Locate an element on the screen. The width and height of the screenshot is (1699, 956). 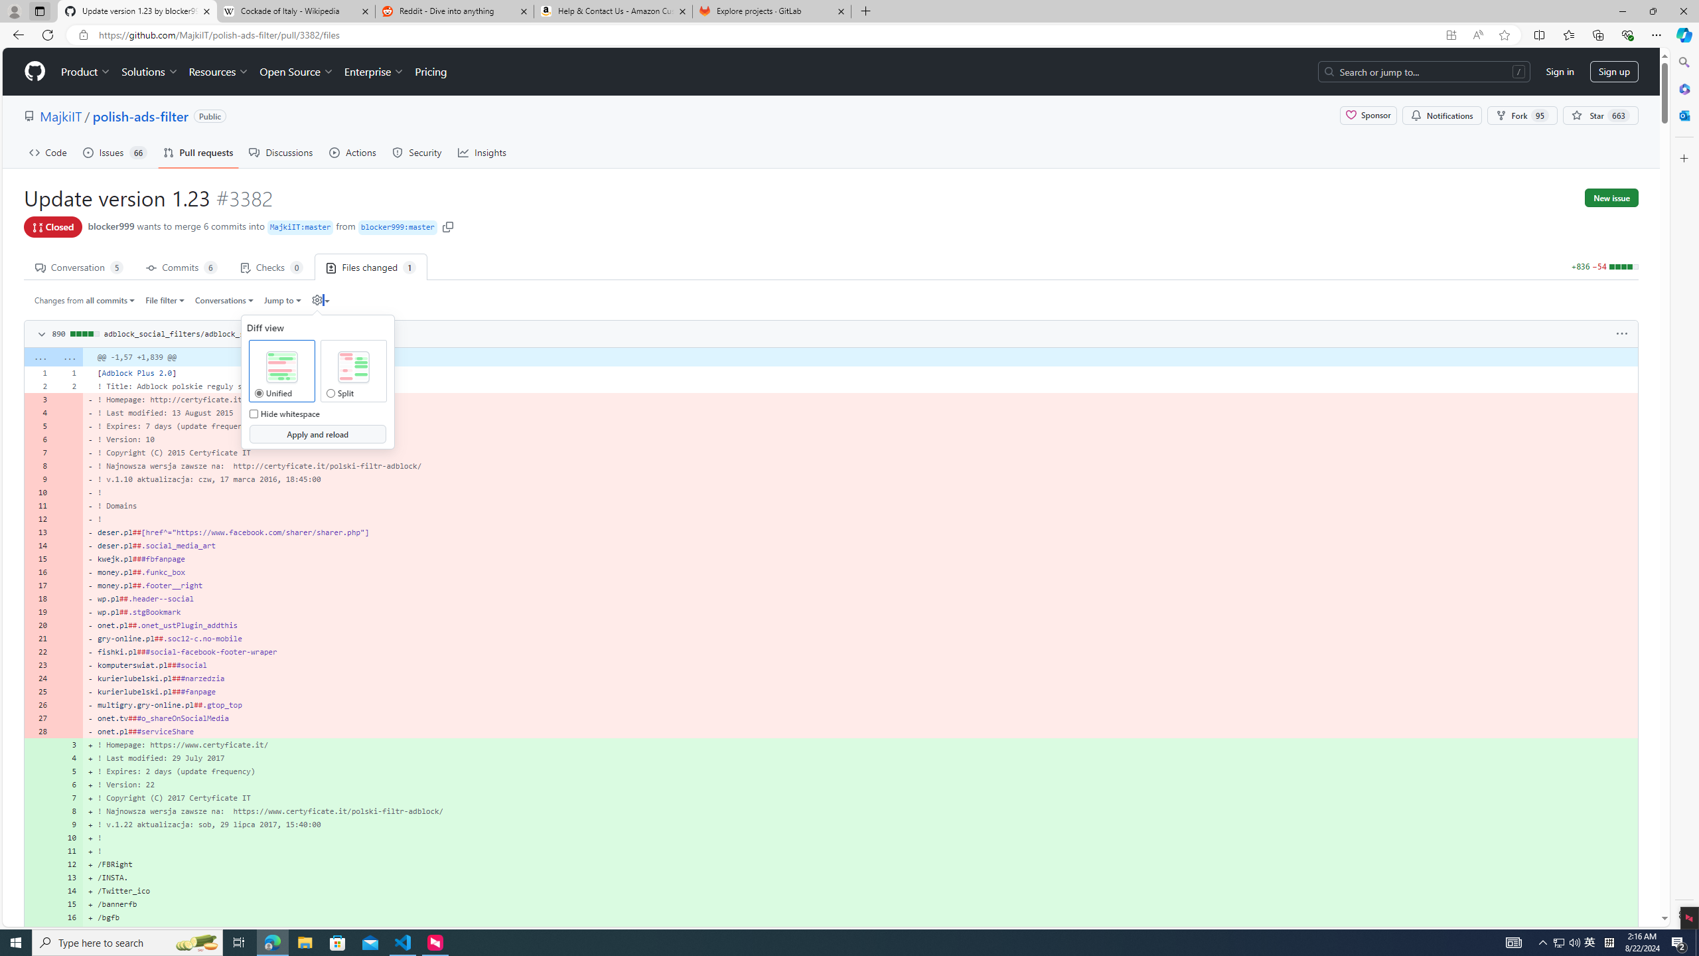
'7' is located at coordinates (68, 798).